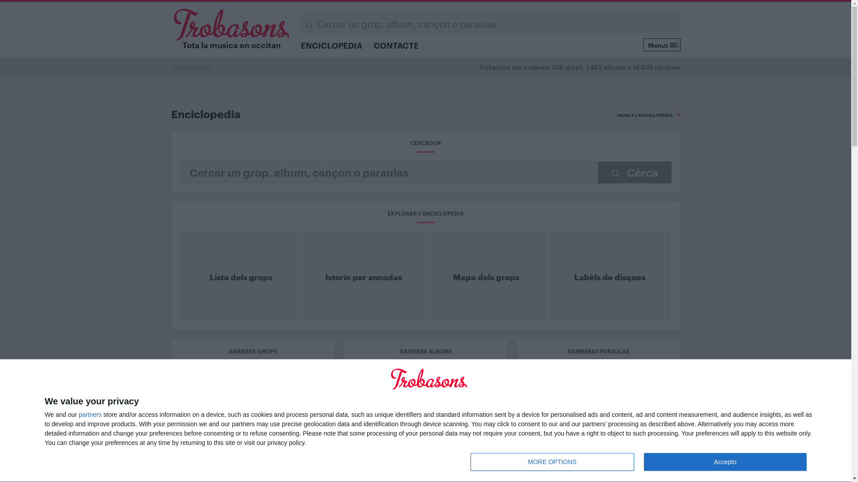  What do you see at coordinates (331, 45) in the screenshot?
I see `'ENCICLOPEDIA'` at bounding box center [331, 45].